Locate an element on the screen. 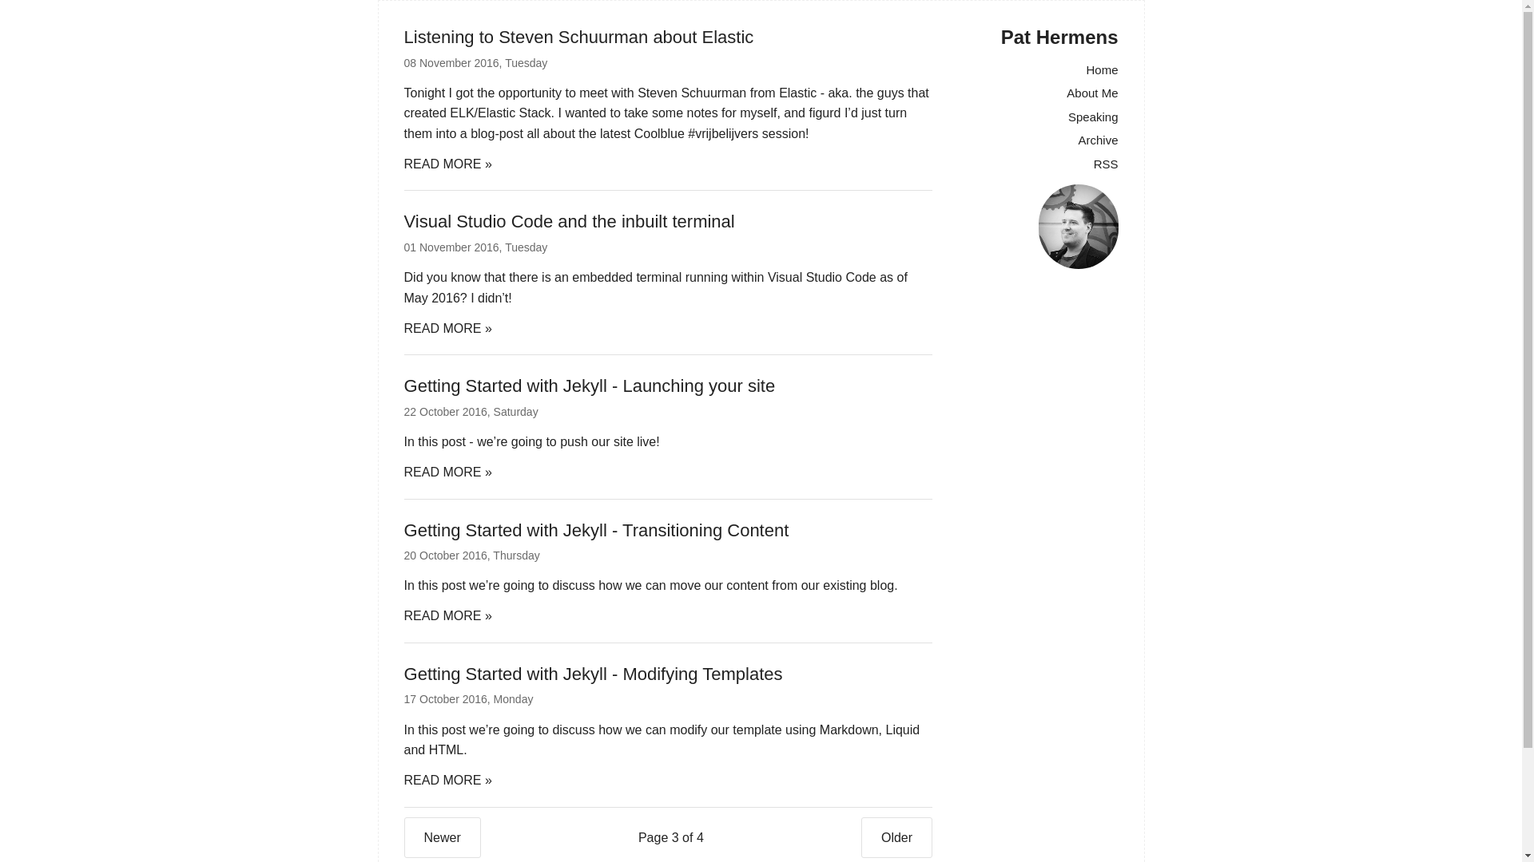 The width and height of the screenshot is (1534, 862). 'Pat Hermens' is located at coordinates (1059, 36).